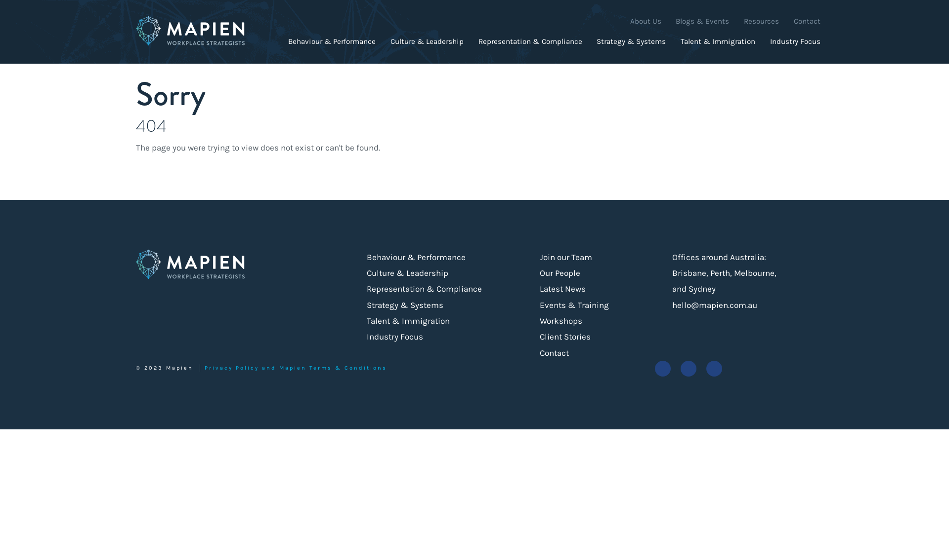 This screenshot has height=533, width=949. Describe the element at coordinates (680, 40) in the screenshot. I see `'Talent & Immigration'` at that location.